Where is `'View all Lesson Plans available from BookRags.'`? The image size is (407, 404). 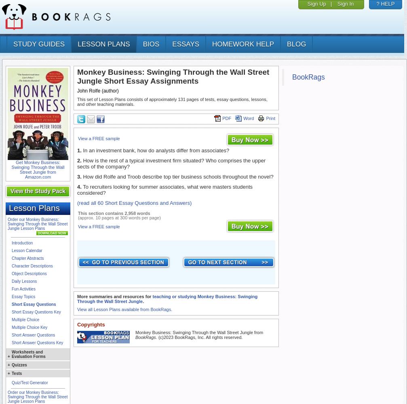
'View all Lesson Plans available from BookRags.' is located at coordinates (124, 309).